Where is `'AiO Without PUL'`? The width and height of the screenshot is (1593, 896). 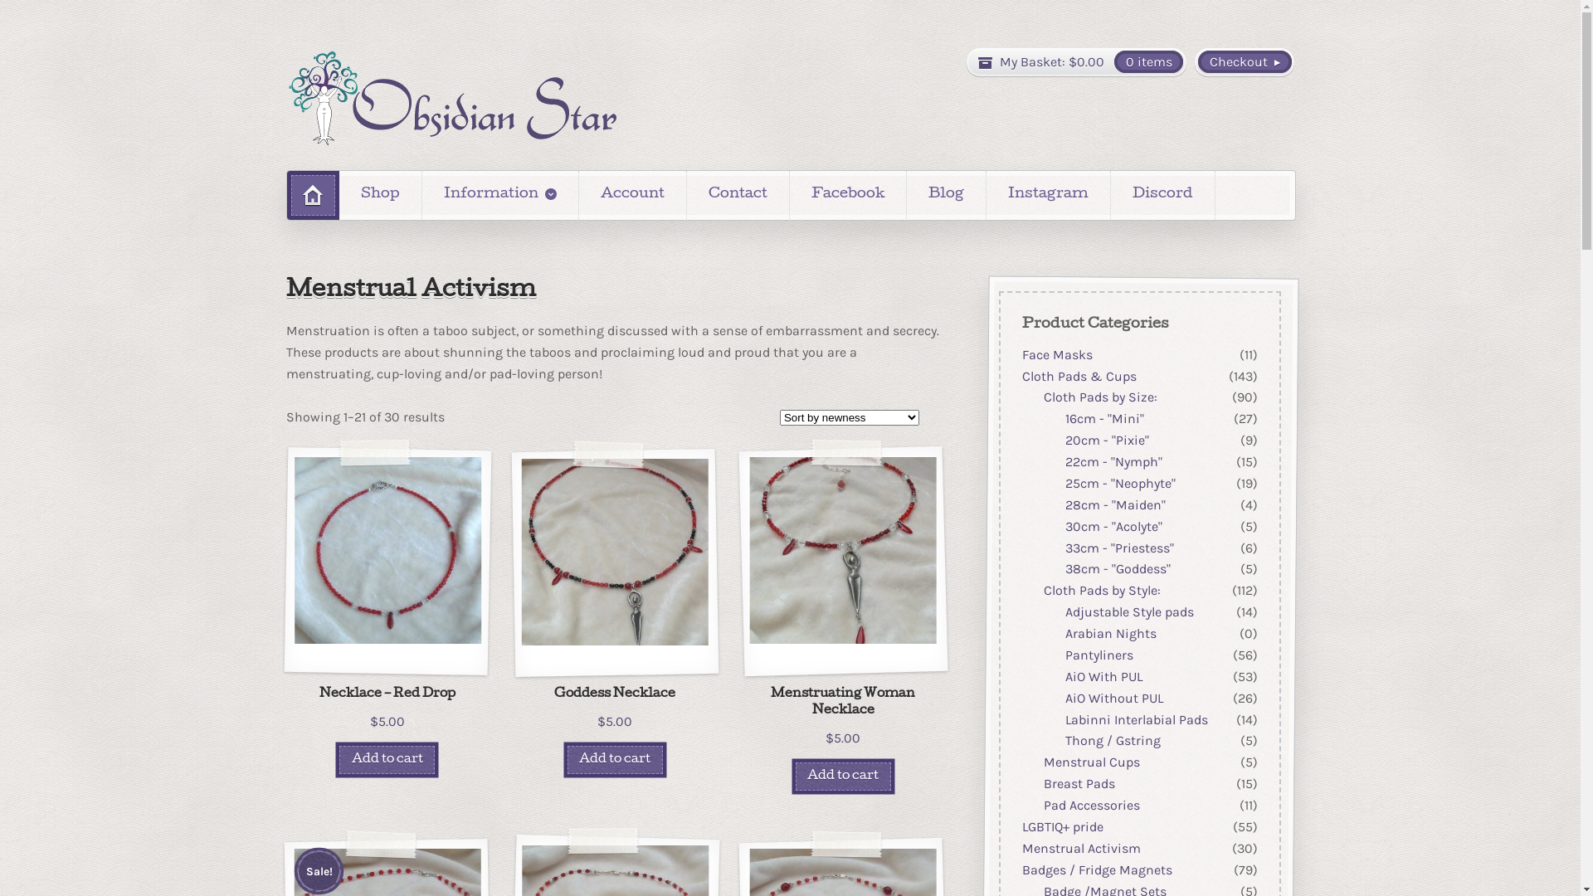
'AiO Without PUL' is located at coordinates (1113, 698).